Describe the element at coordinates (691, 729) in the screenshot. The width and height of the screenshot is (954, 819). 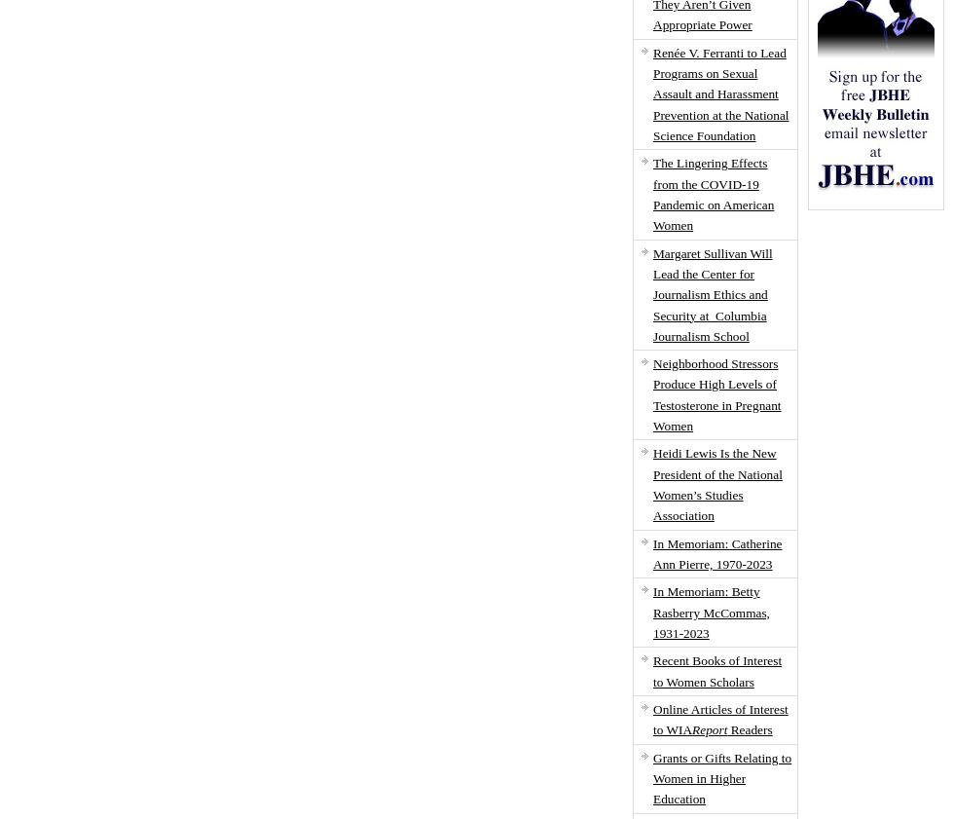
I see `'Report'` at that location.